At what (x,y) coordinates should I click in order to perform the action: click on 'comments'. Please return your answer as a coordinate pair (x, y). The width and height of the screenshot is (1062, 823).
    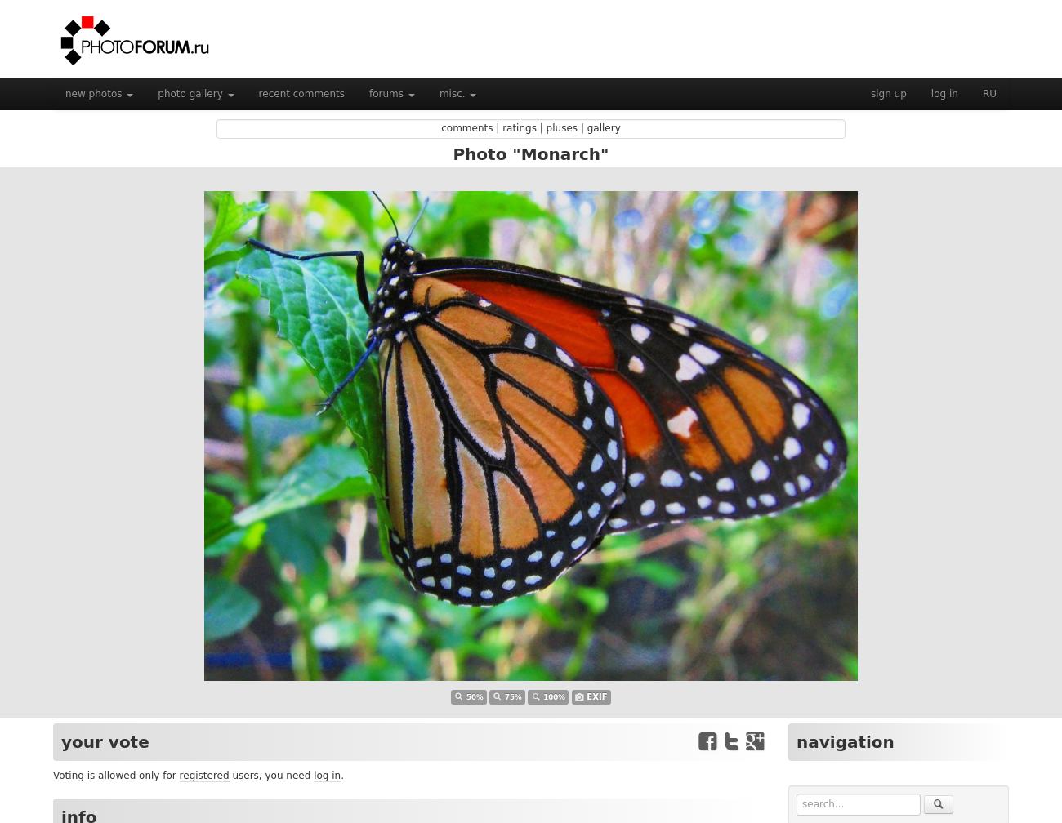
    Looking at the image, I should click on (466, 128).